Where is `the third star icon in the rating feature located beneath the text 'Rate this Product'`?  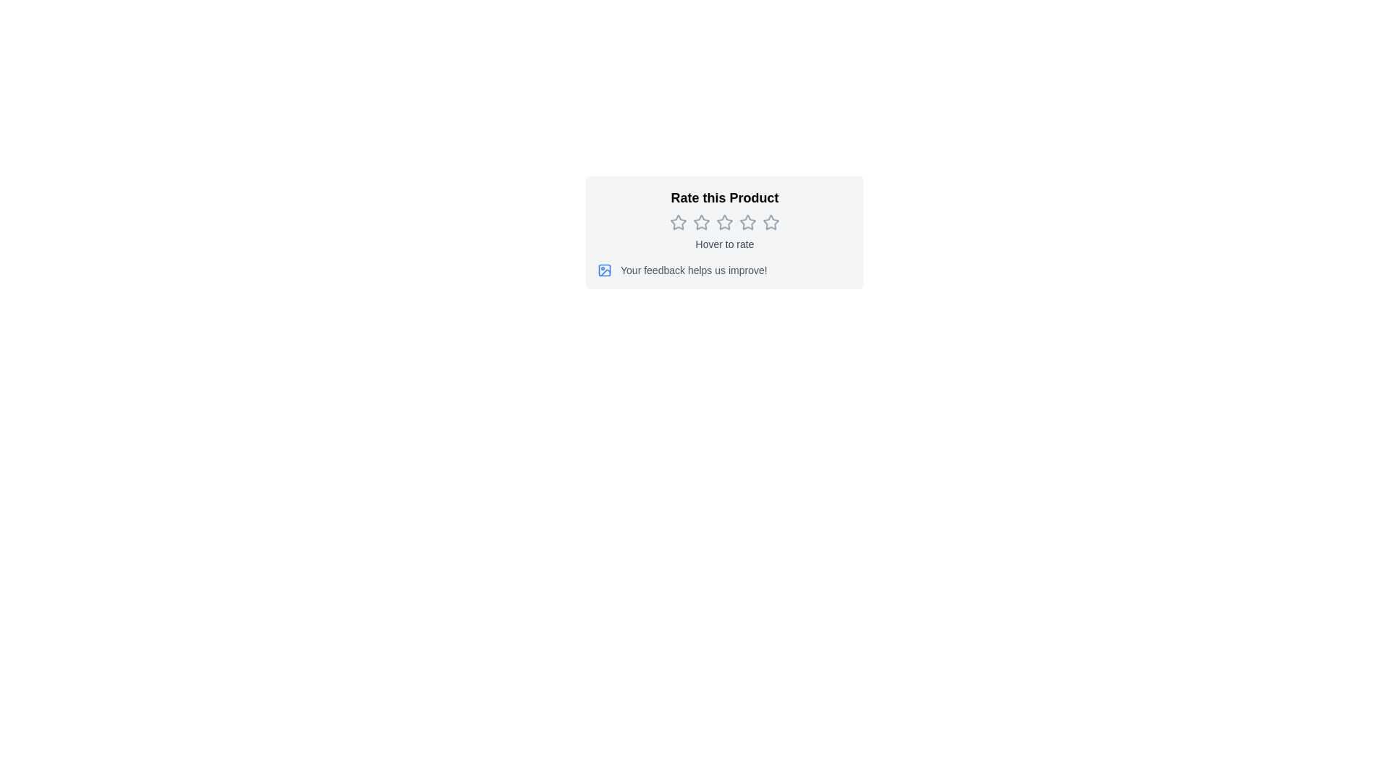 the third star icon in the rating feature located beneath the text 'Rate this Product' is located at coordinates (724, 222).